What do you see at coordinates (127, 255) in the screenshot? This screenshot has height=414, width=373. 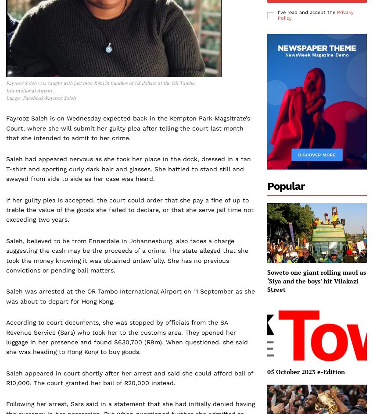 I see `'Saleh‚ believed to be from Ennerdale in Johannesburg‚ also faces a charge suggesting the cash may be the proceeds of a crime. The state alleged that she took the money knowing it was obtained unlawfully. She has no previous convictions or pending bail matters.'` at bounding box center [127, 255].